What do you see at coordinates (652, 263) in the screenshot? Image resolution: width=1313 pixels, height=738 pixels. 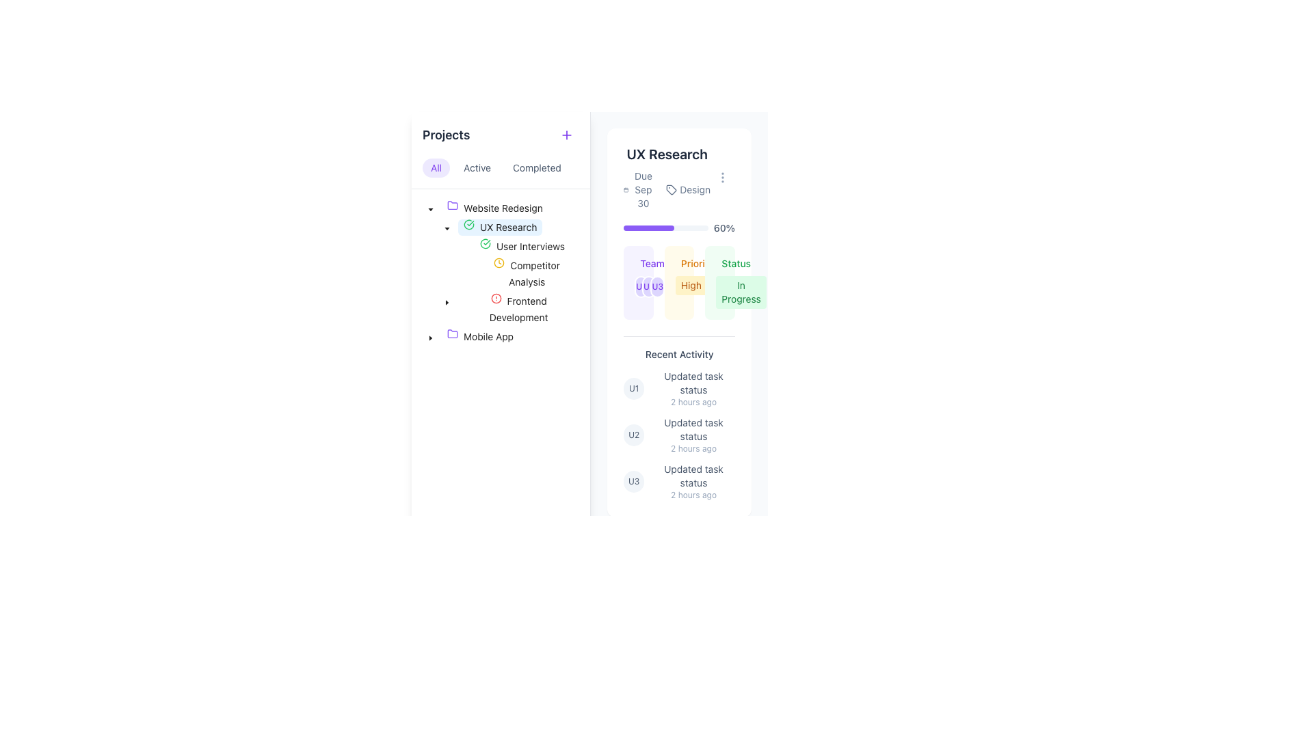 I see `the 'Team' text label, which is styled with a smaller font size, medium weight, and violet color, located in the center-right panel beneath the progress bar` at bounding box center [652, 263].